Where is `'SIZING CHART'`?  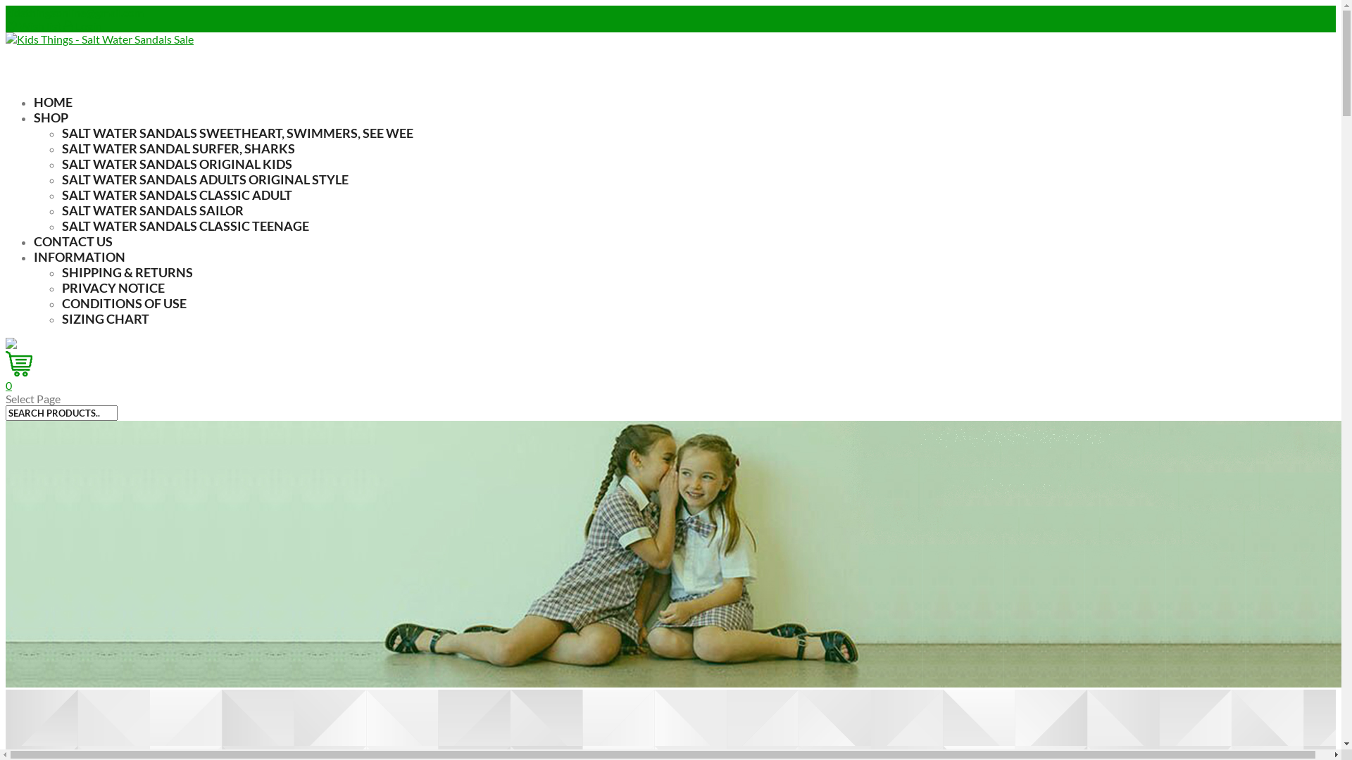
'SIZING CHART' is located at coordinates (61, 318).